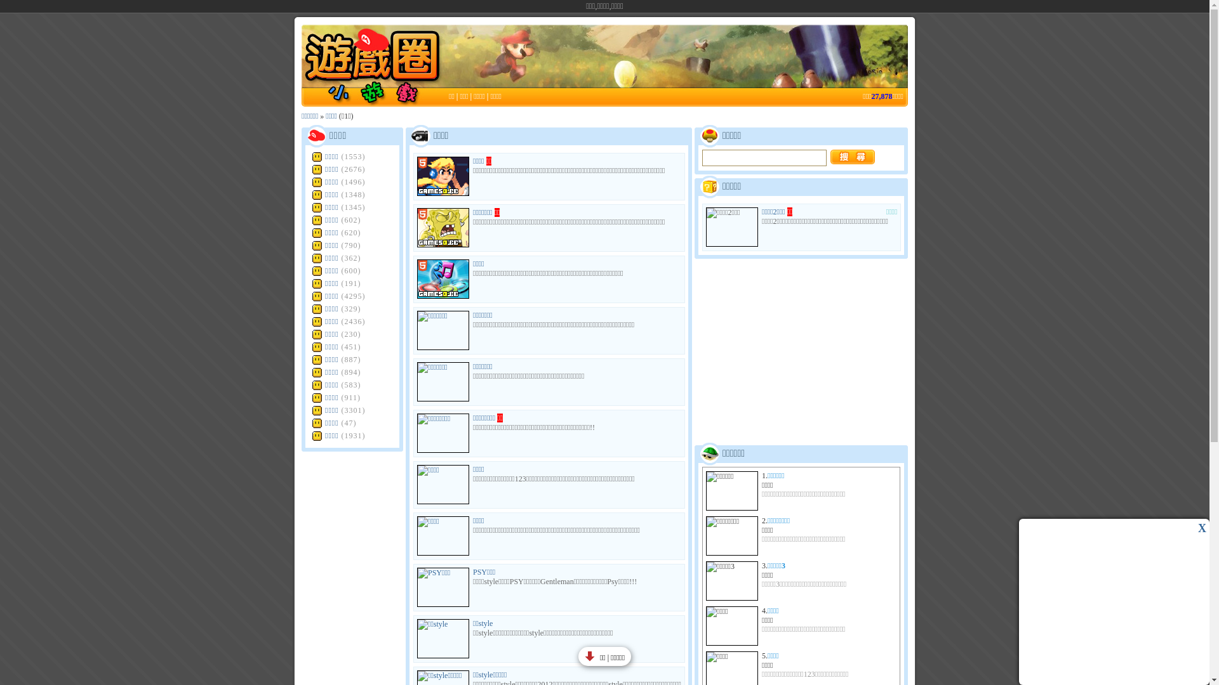 The height and width of the screenshot is (685, 1219). What do you see at coordinates (1201, 528) in the screenshot?
I see `'X'` at bounding box center [1201, 528].